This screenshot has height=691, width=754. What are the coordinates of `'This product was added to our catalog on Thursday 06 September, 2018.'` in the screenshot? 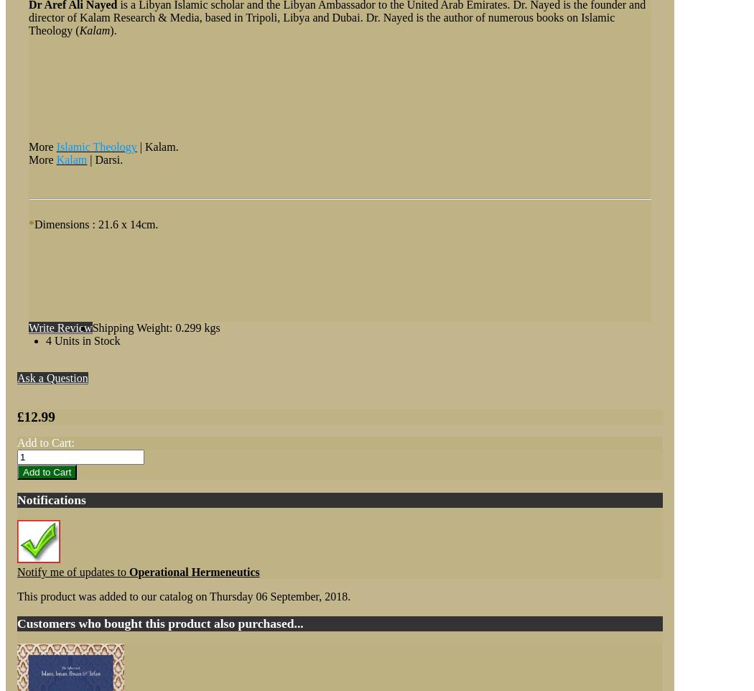 It's located at (183, 596).